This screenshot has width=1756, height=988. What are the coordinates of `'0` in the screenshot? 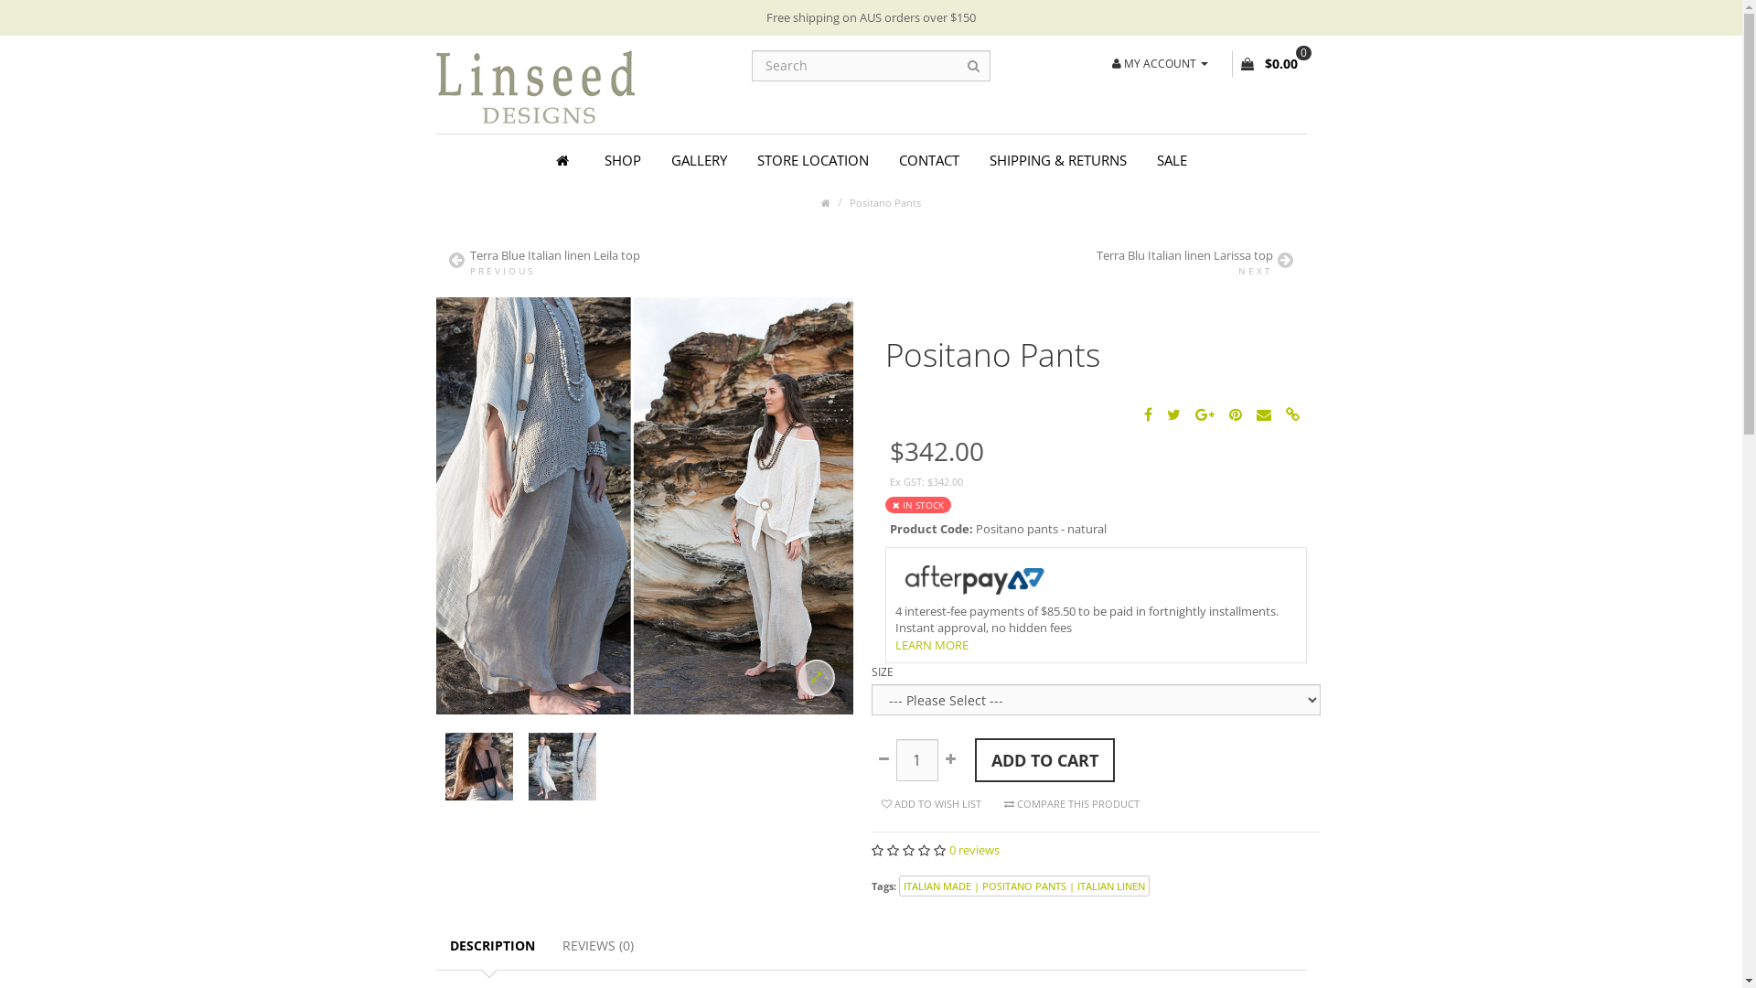 It's located at (1268, 62).